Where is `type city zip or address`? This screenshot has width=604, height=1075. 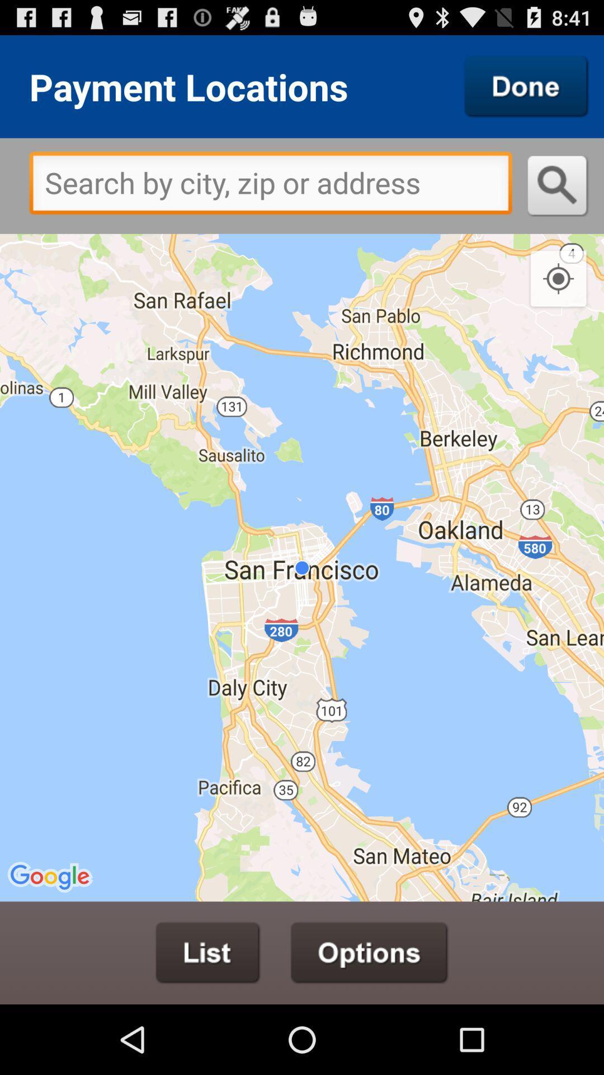 type city zip or address is located at coordinates (271, 186).